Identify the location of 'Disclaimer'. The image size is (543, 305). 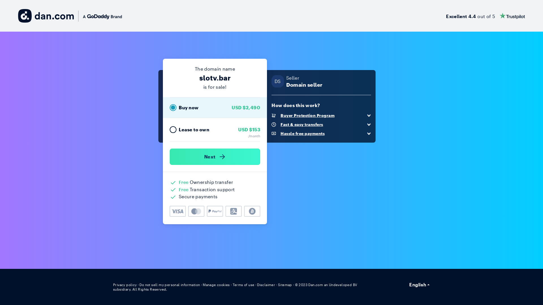
(257, 284).